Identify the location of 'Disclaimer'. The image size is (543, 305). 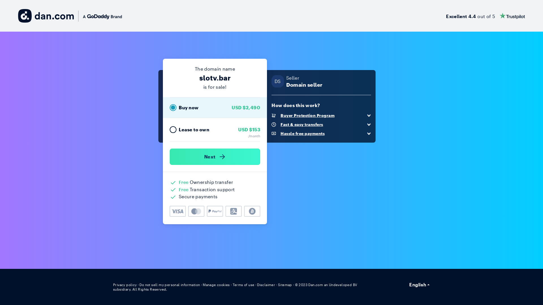
(257, 284).